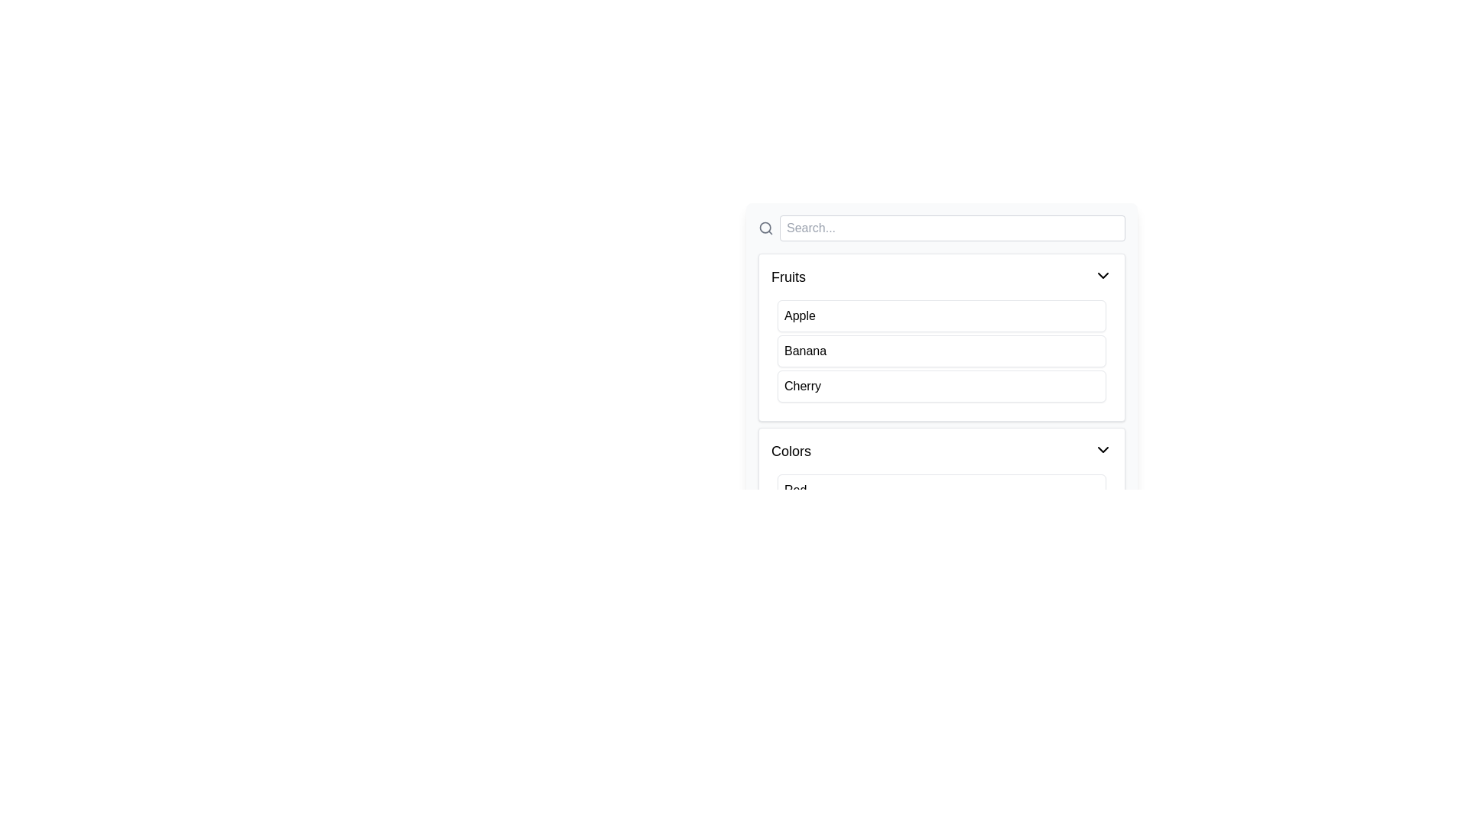 This screenshot has height=825, width=1468. Describe the element at coordinates (802, 385) in the screenshot. I see `the 'Cherry' text label in the 'Fruits' category, which identifies it as a list item between 'Banana' and 'Colors'` at that location.